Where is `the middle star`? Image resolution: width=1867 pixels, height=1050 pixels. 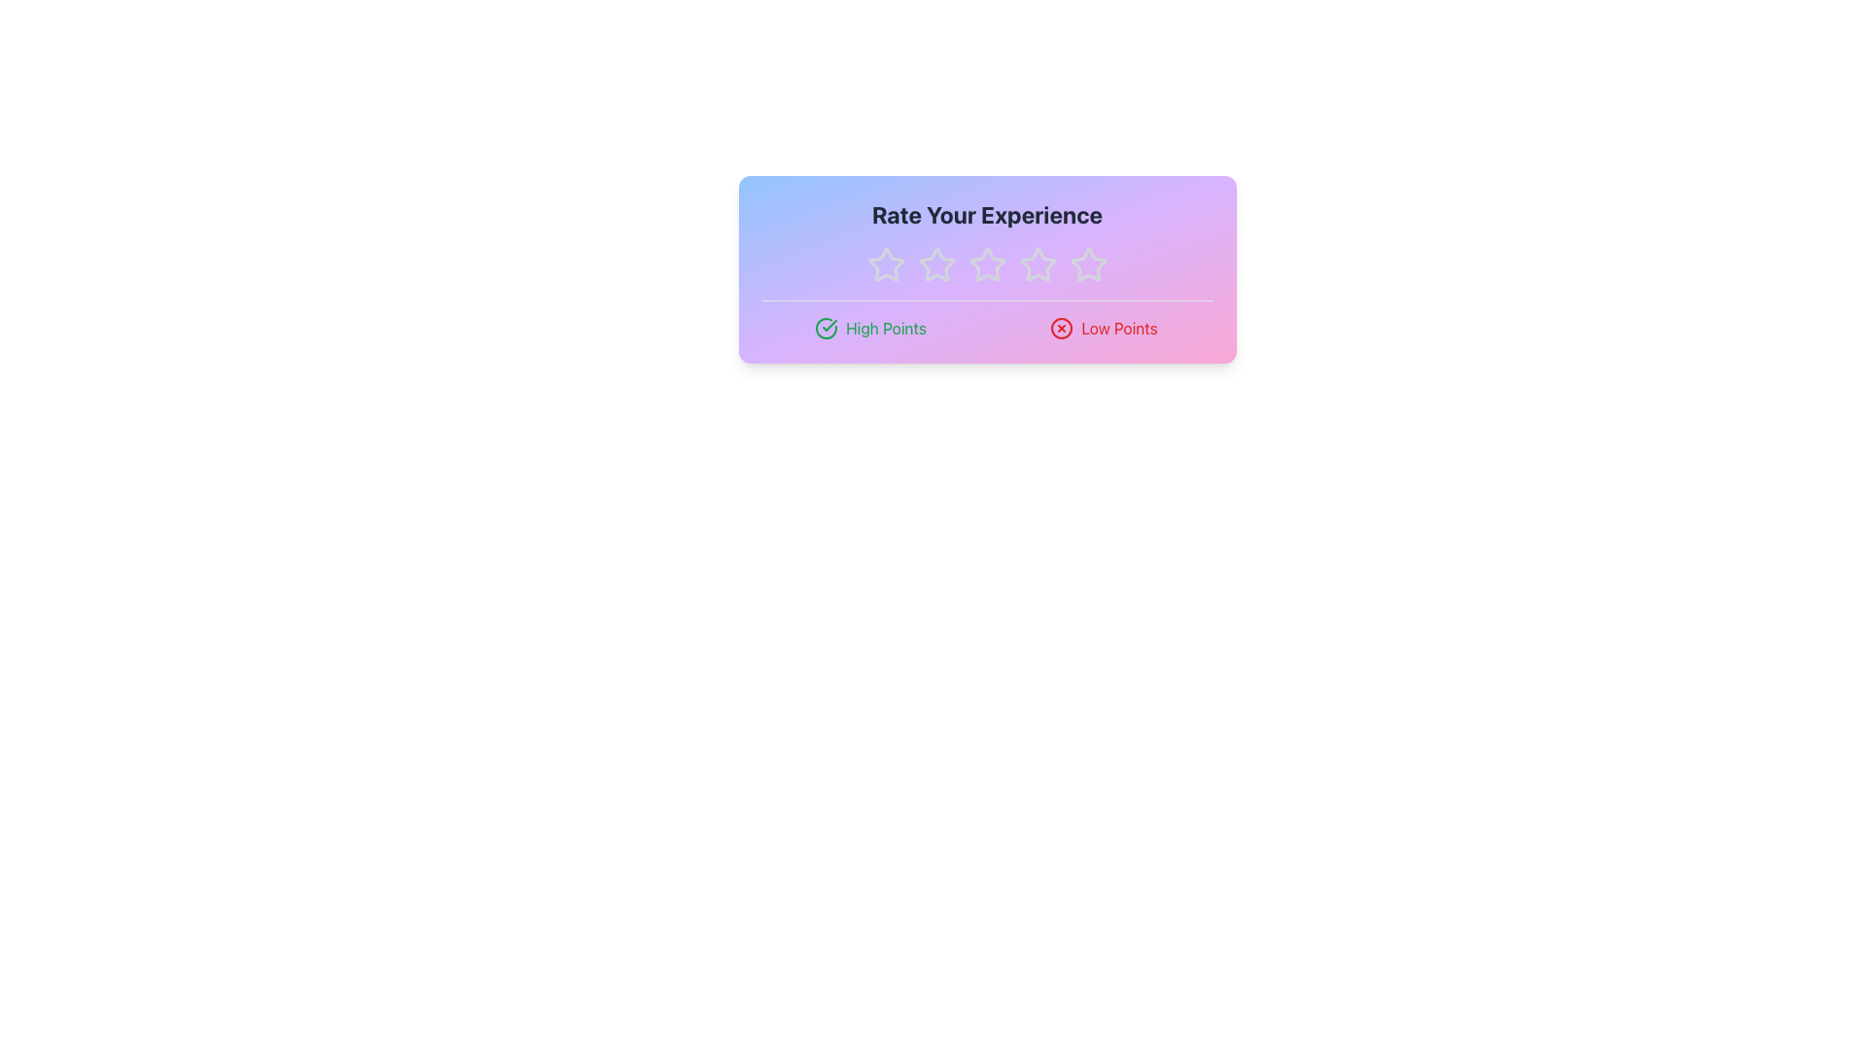
the middle star is located at coordinates (986, 264).